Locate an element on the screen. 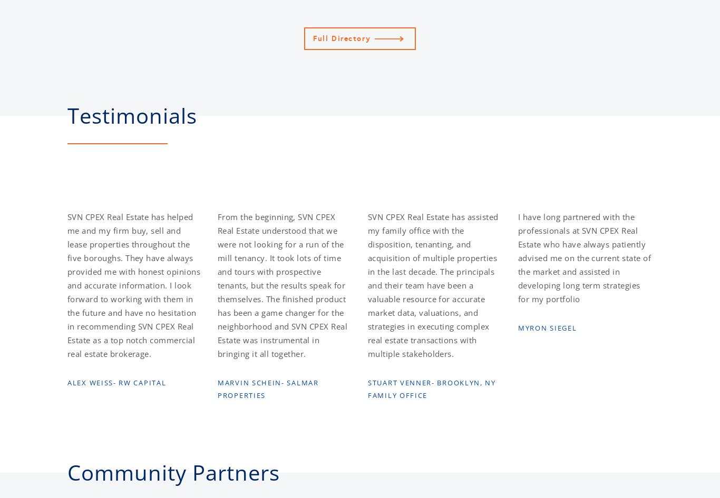 This screenshot has width=720, height=498. 'Stuart Venner- Brooklyn, NY Family Office' is located at coordinates (431, 389).